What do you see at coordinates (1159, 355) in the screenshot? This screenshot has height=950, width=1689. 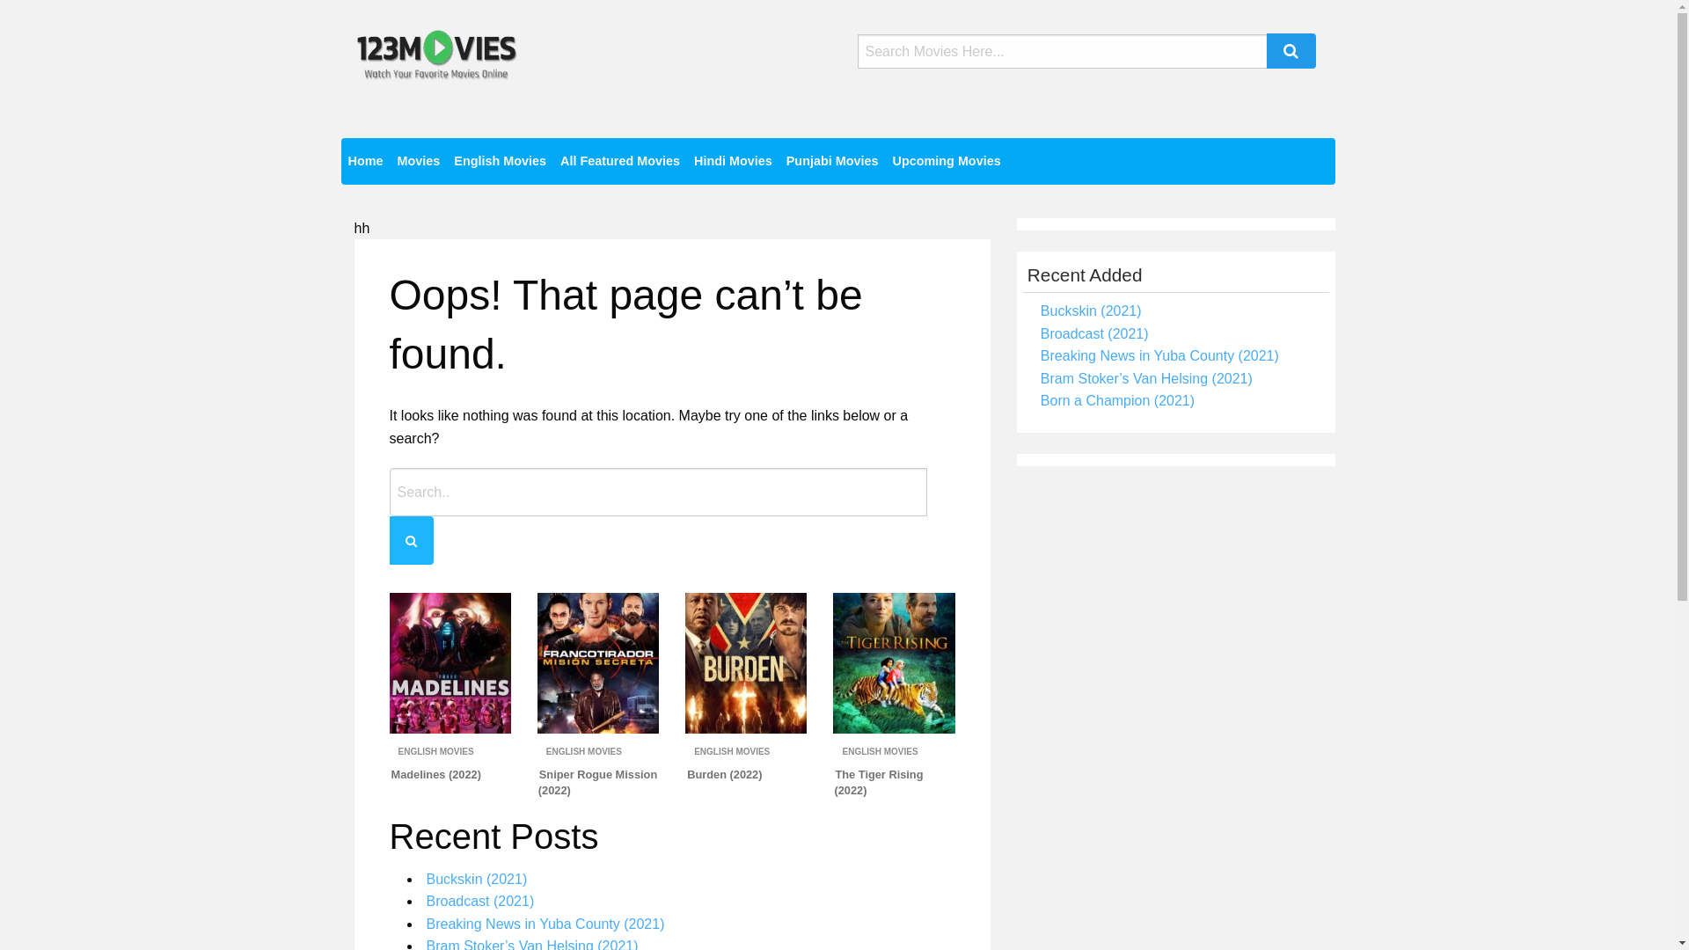 I see `'Breaking News in Yuba County (2021)'` at bounding box center [1159, 355].